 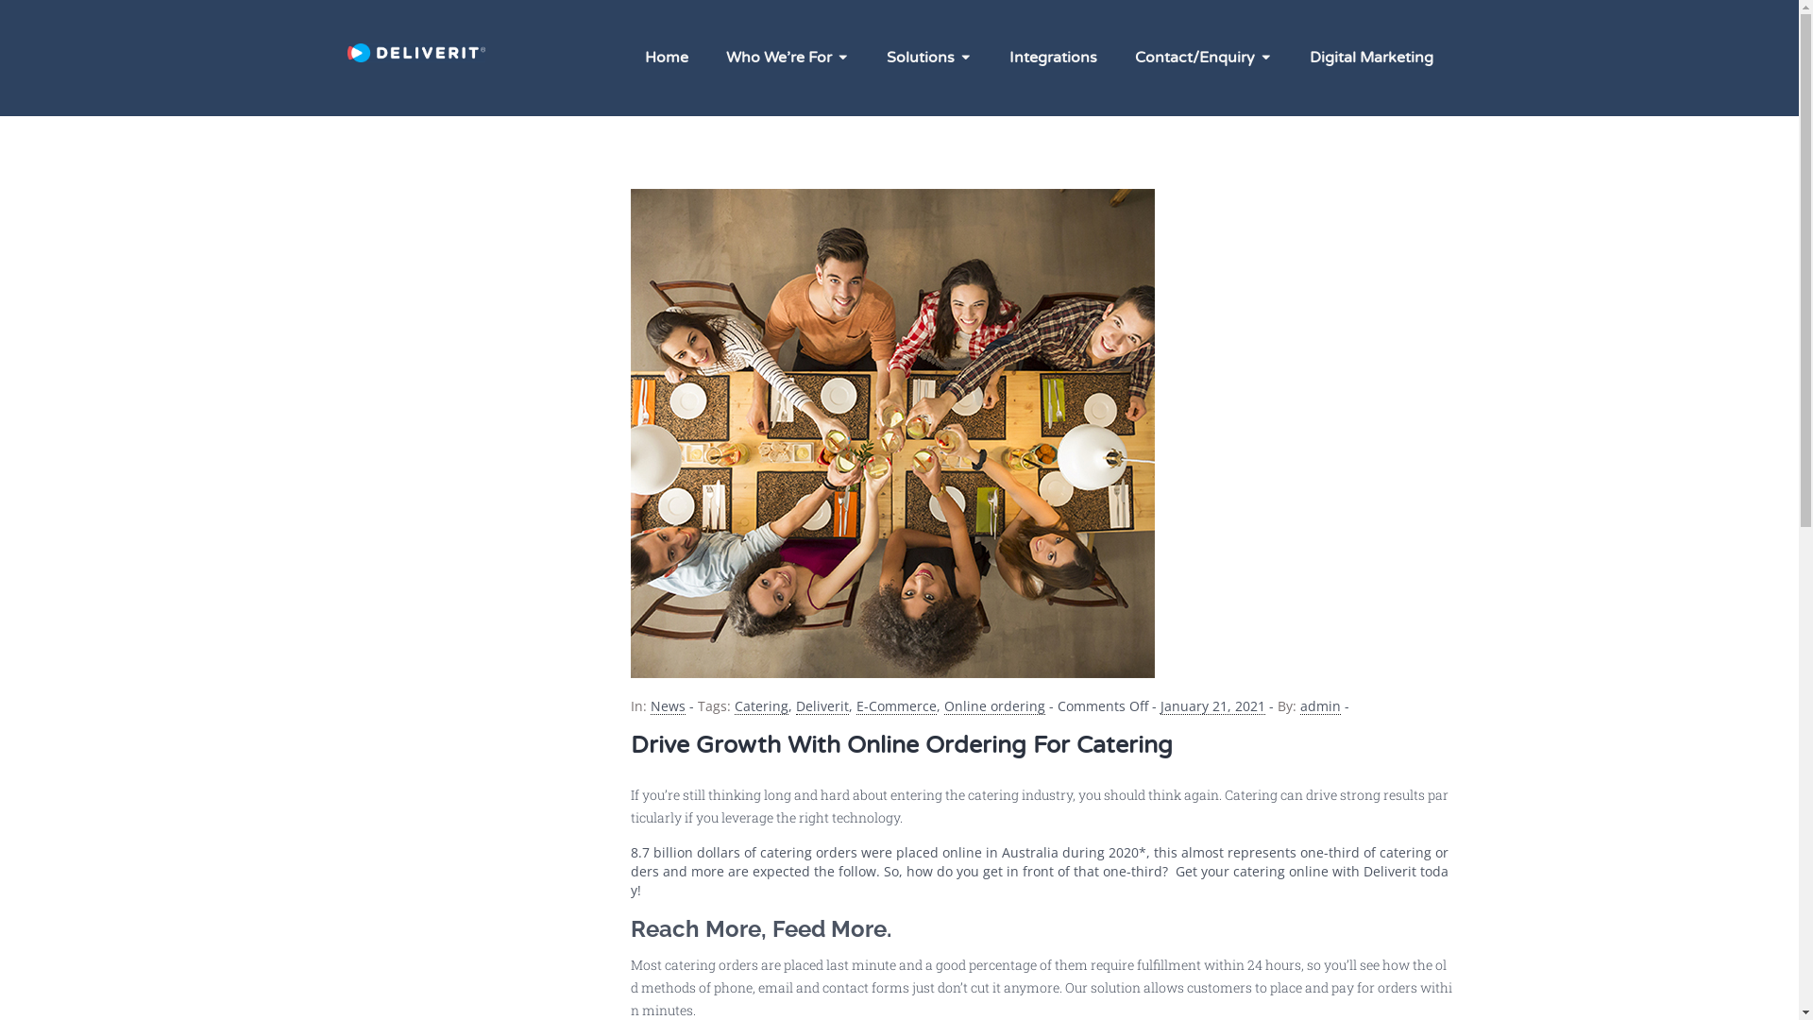 What do you see at coordinates (666, 57) in the screenshot?
I see `'Home'` at bounding box center [666, 57].